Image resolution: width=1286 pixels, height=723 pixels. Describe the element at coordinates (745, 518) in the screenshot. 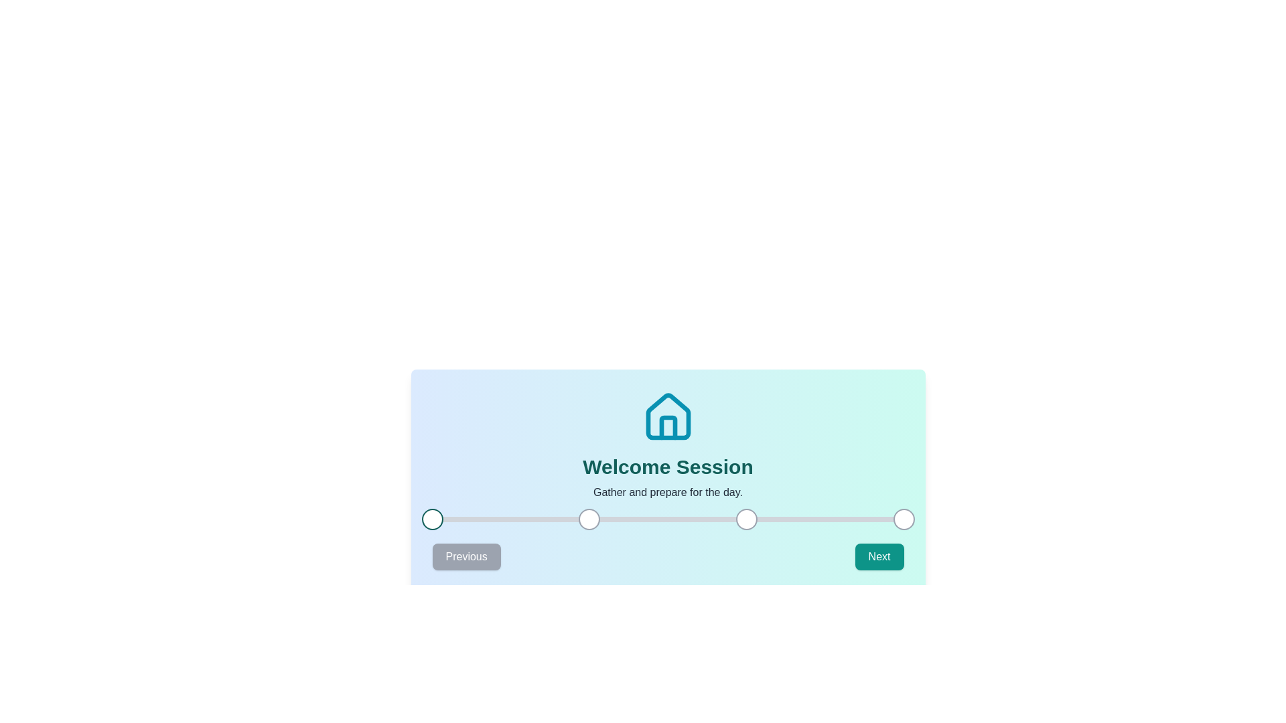

I see `the progress indicator corresponding to step 3` at that location.